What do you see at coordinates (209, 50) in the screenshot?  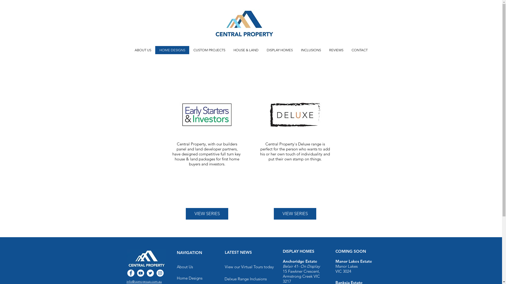 I see `'CUSTOM PROJECTS'` at bounding box center [209, 50].